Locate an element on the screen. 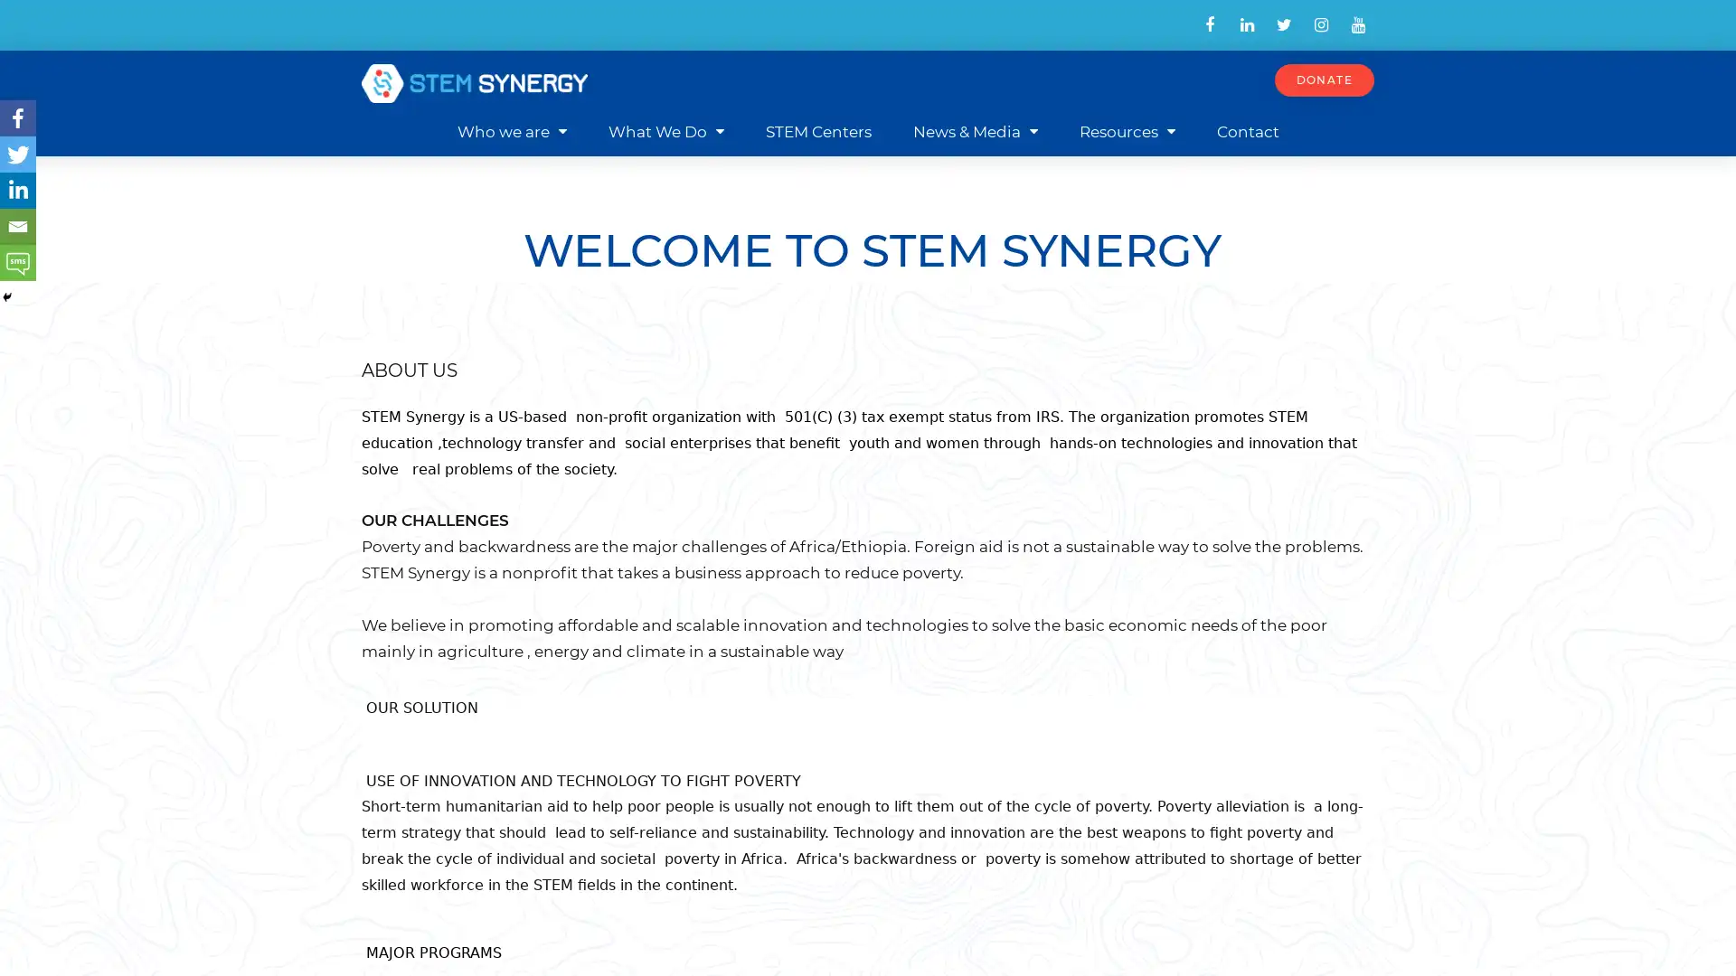  DONATE is located at coordinates (1324, 79).